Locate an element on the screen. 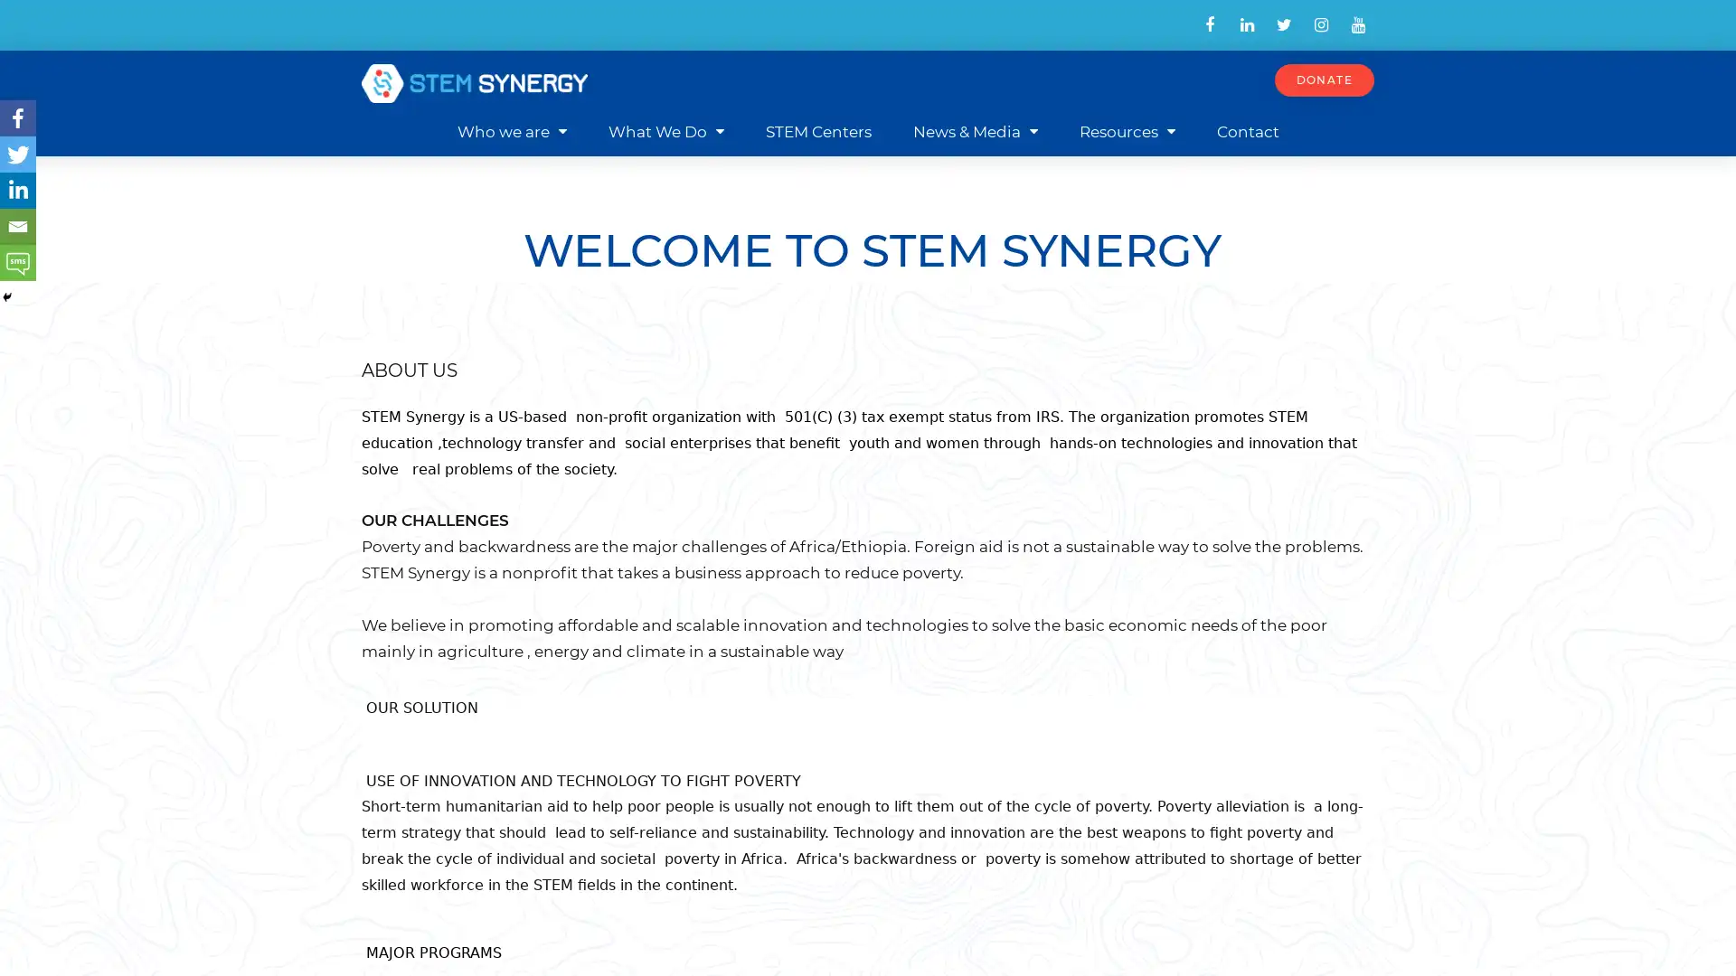  DONATE is located at coordinates (1324, 79).